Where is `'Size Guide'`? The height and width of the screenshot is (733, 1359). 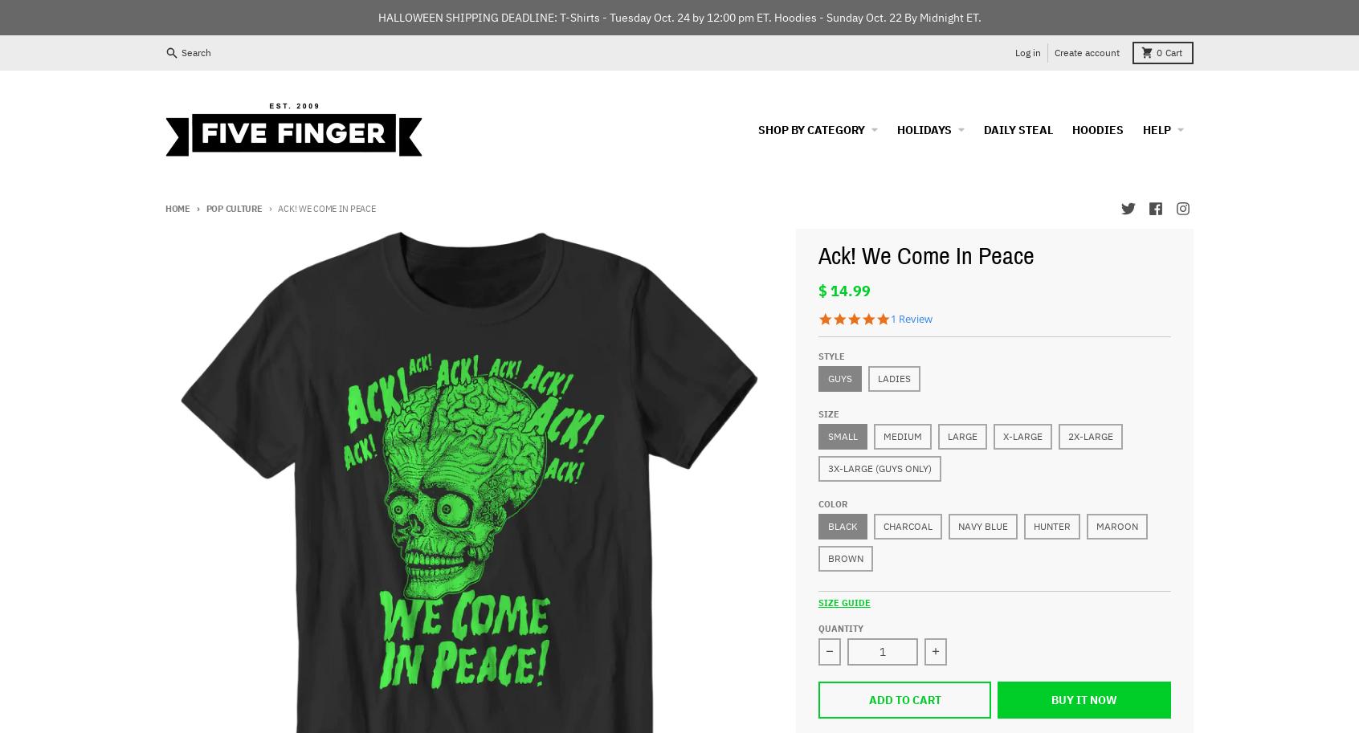
'Size Guide' is located at coordinates (843, 602).